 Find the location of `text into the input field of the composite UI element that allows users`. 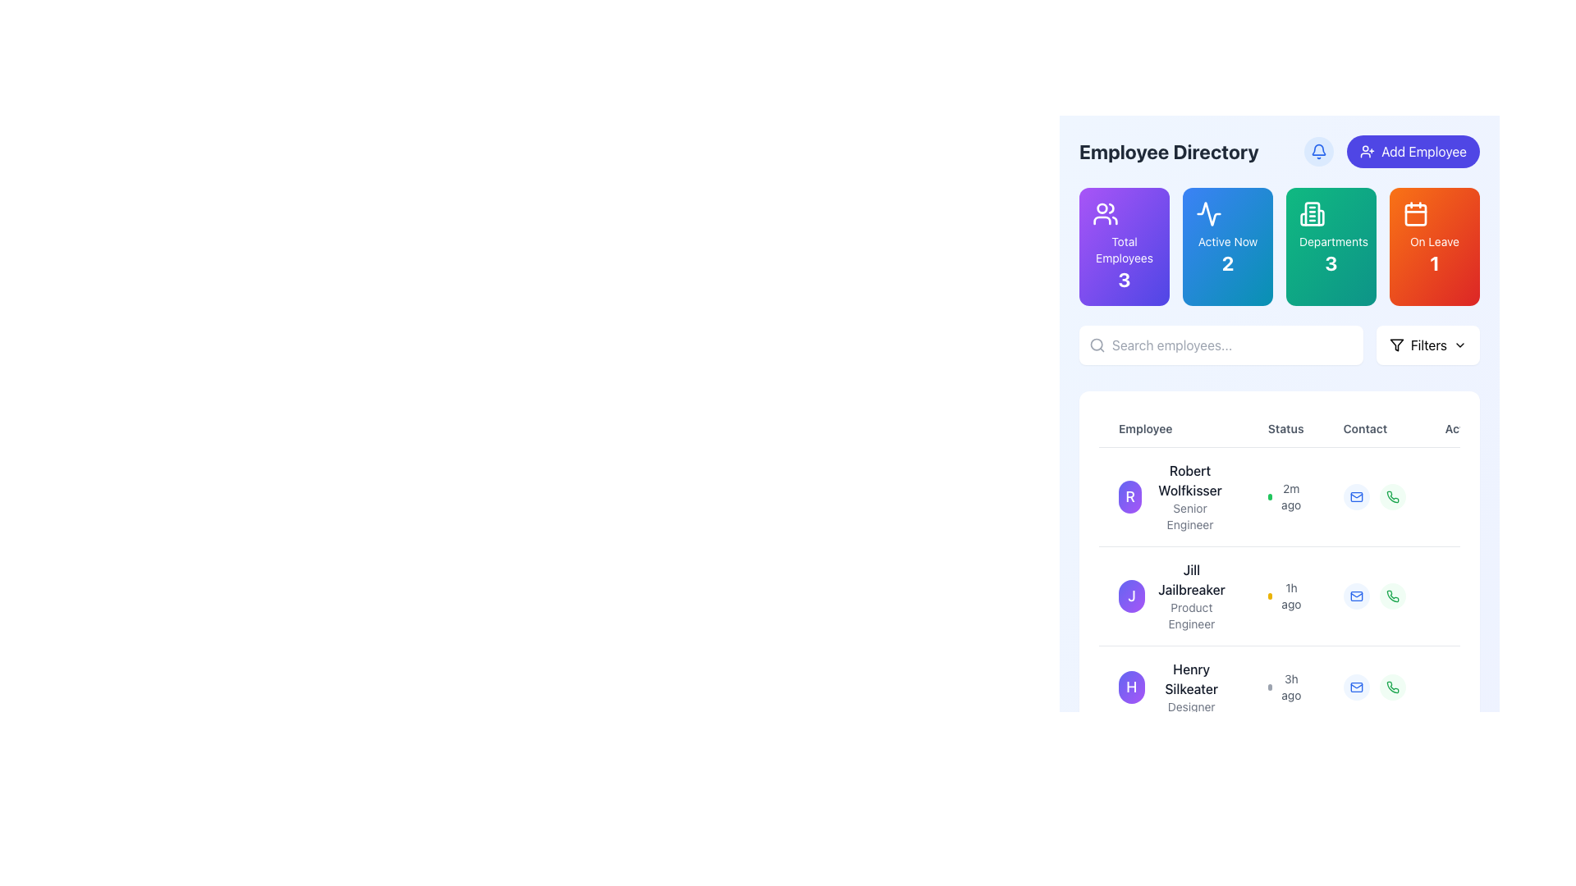

text into the input field of the composite UI element that allows users is located at coordinates (1279, 344).